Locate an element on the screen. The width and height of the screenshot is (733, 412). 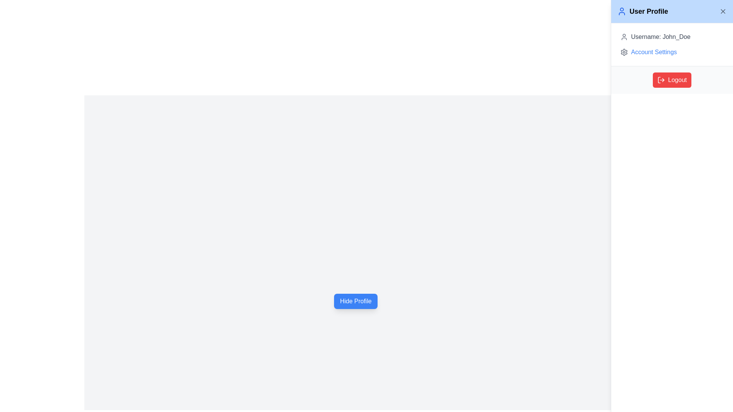
the close button located at the topmost right corner of the User Profile panel is located at coordinates (723, 11).